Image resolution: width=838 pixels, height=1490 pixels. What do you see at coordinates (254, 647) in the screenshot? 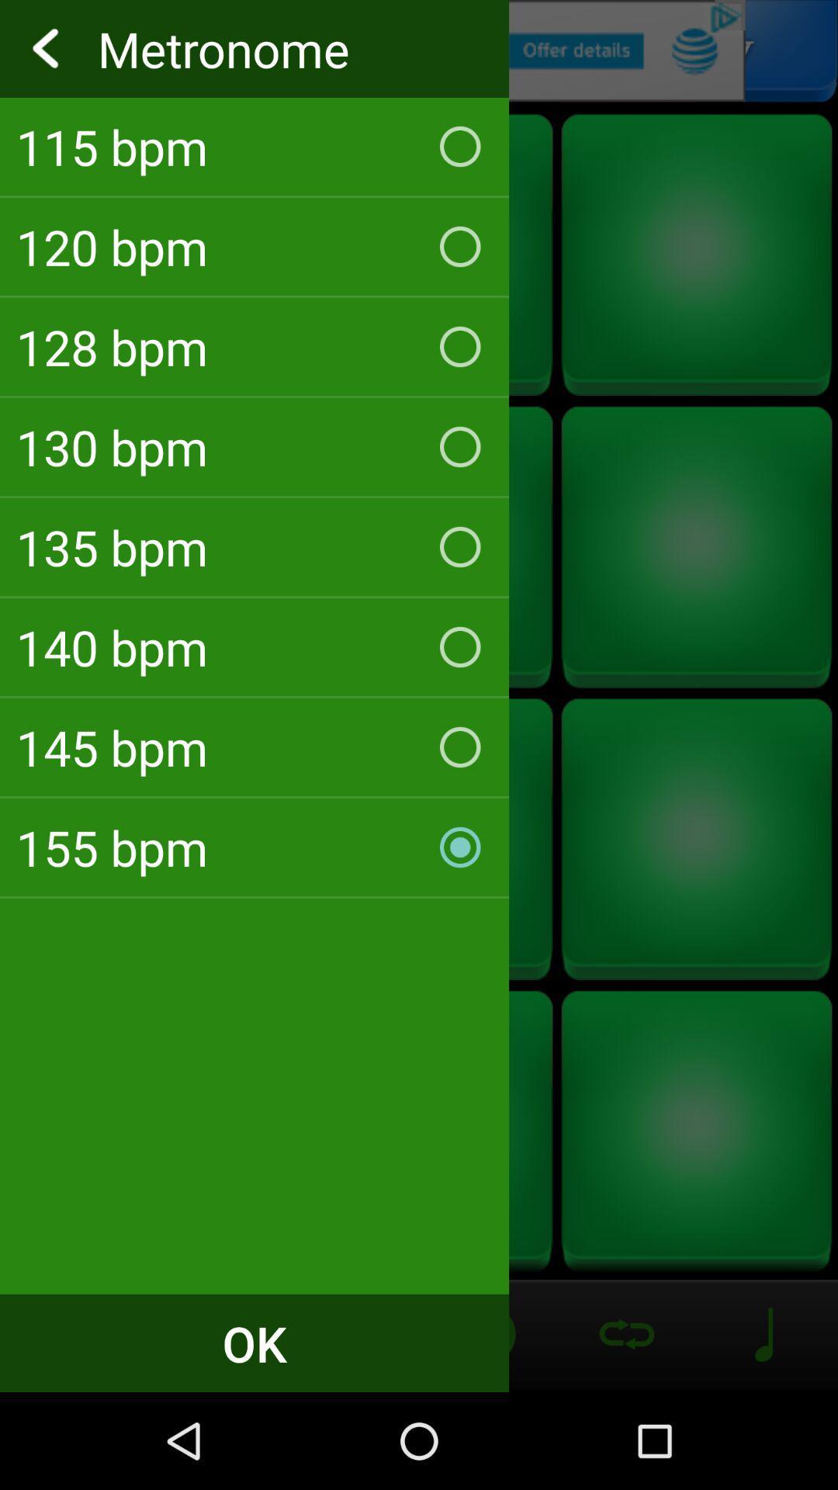
I see `the icon below 135 bpm icon` at bounding box center [254, 647].